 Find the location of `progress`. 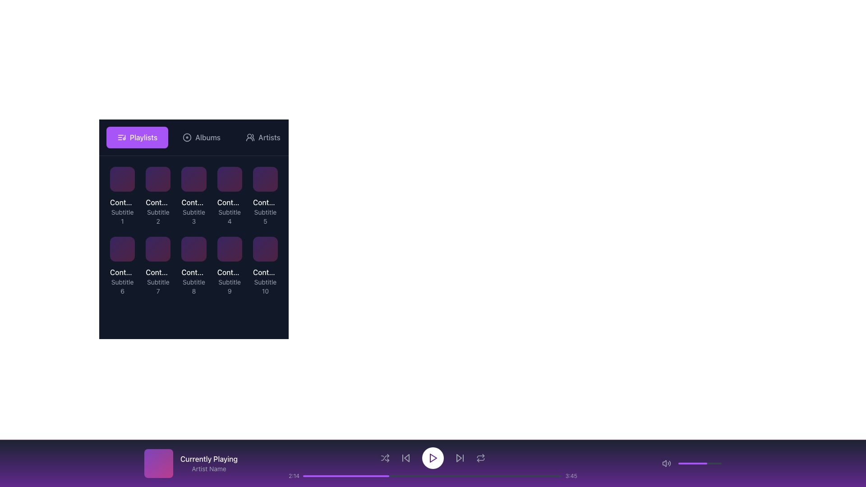

progress is located at coordinates (406, 476).